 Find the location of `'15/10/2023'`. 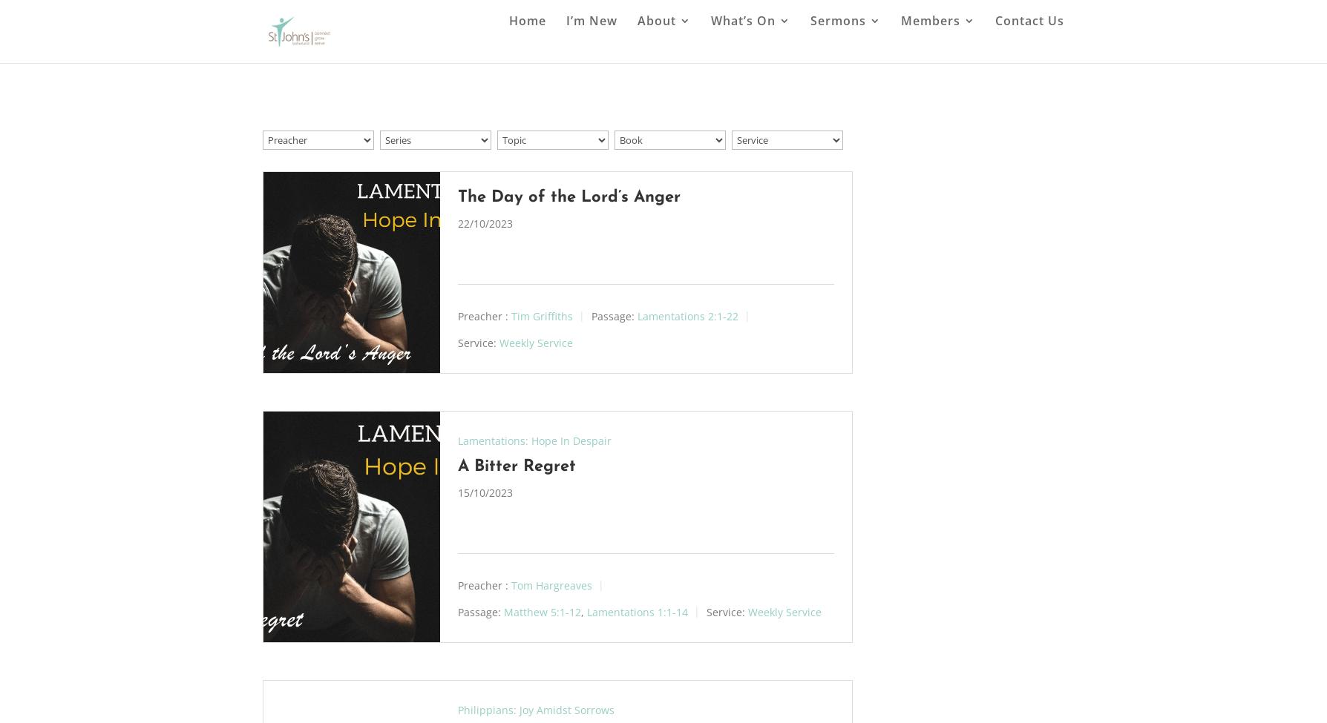

'15/10/2023' is located at coordinates (484, 492).